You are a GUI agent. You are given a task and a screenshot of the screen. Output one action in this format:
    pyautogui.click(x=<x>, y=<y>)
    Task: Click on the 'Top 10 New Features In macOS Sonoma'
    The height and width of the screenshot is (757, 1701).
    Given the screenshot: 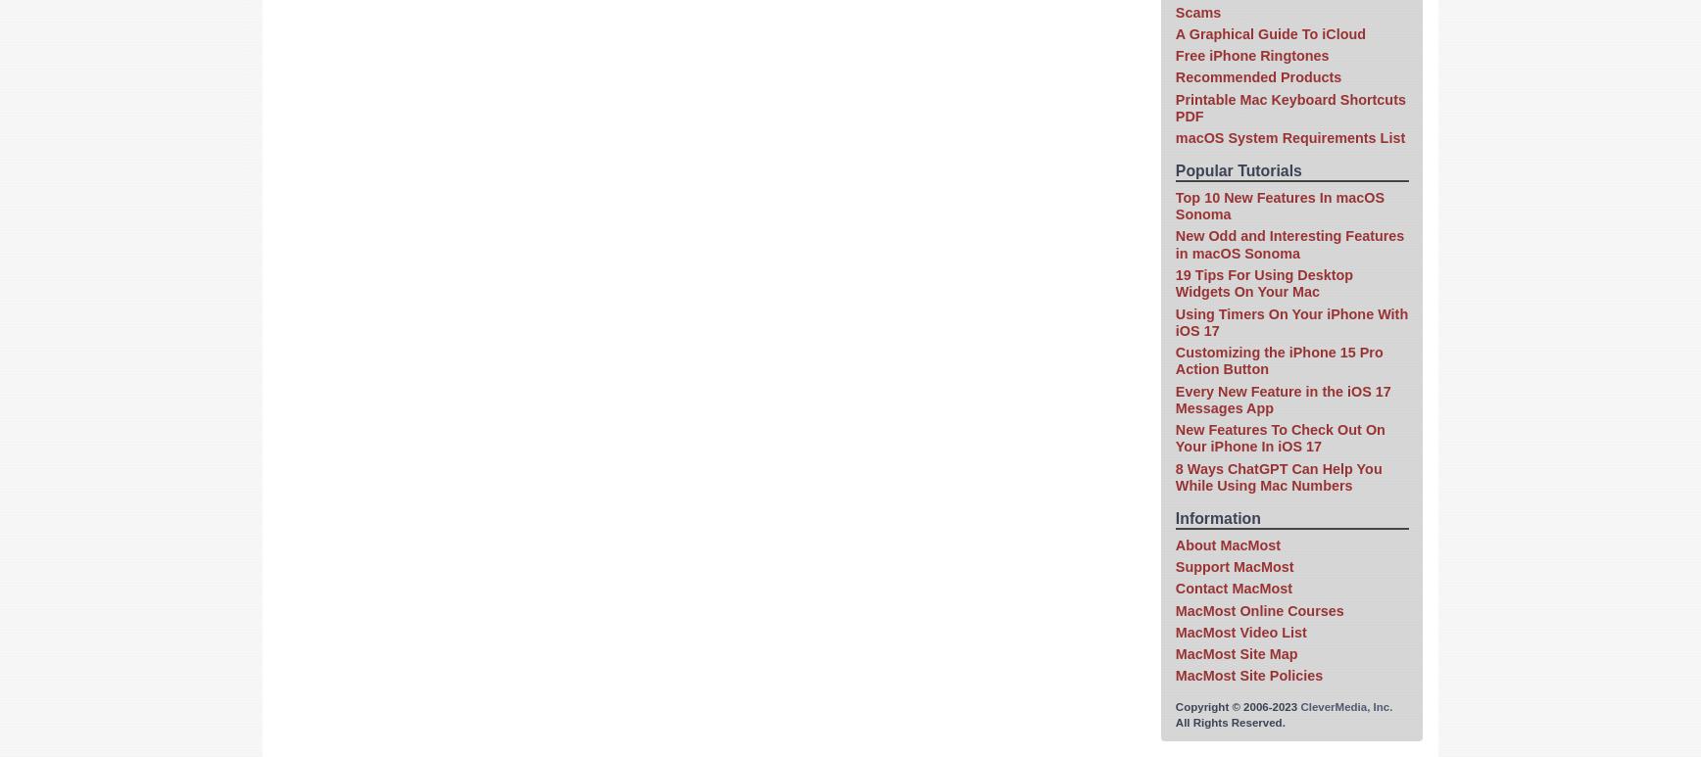 What is the action you would take?
    pyautogui.click(x=1279, y=205)
    